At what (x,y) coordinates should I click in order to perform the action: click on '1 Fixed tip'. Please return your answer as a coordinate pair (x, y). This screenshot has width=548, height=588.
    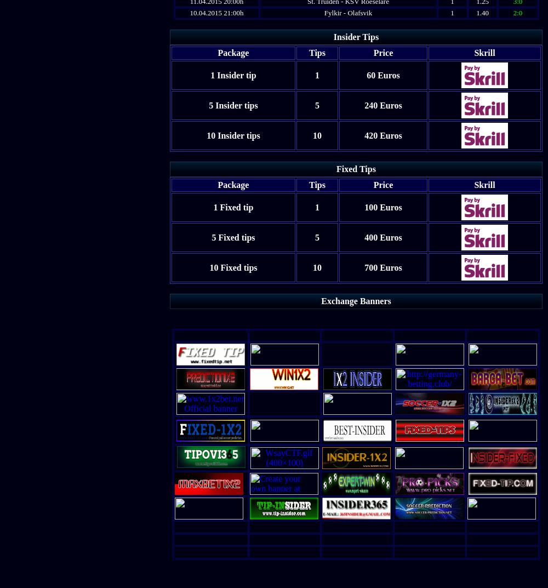
    Looking at the image, I should click on (213, 206).